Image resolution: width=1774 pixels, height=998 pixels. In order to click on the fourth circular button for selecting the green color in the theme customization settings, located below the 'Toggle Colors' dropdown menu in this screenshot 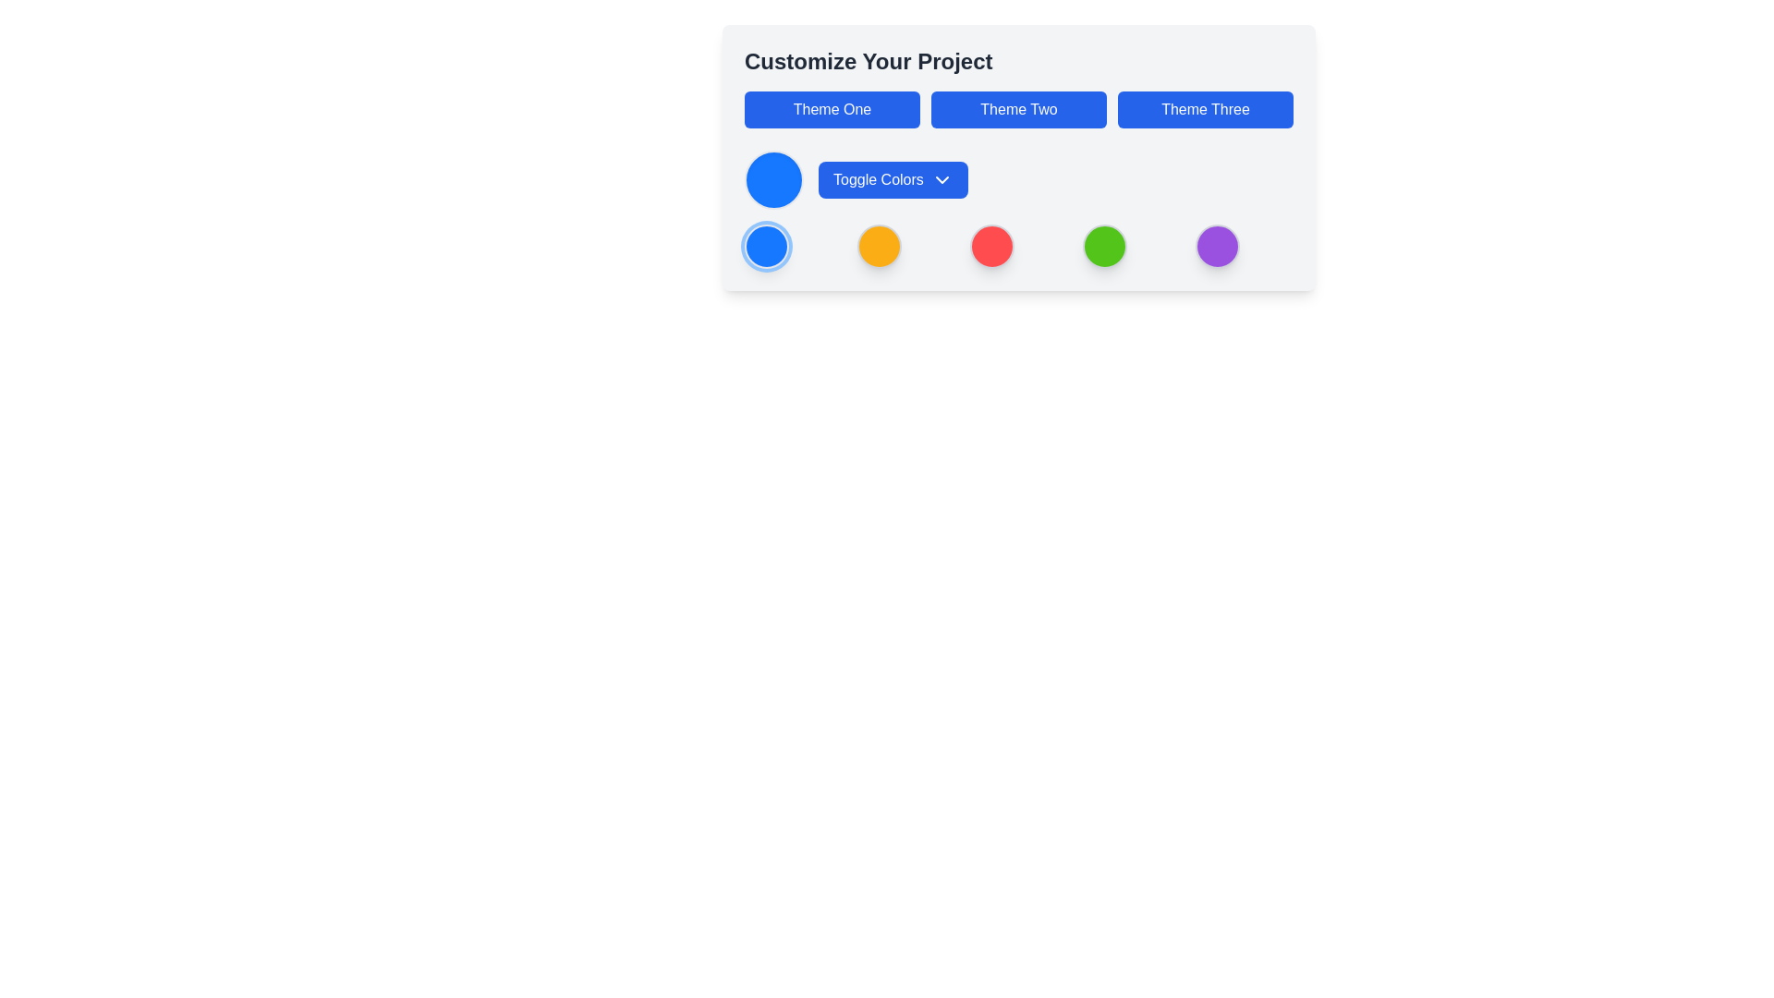, I will do `click(1104, 245)`.